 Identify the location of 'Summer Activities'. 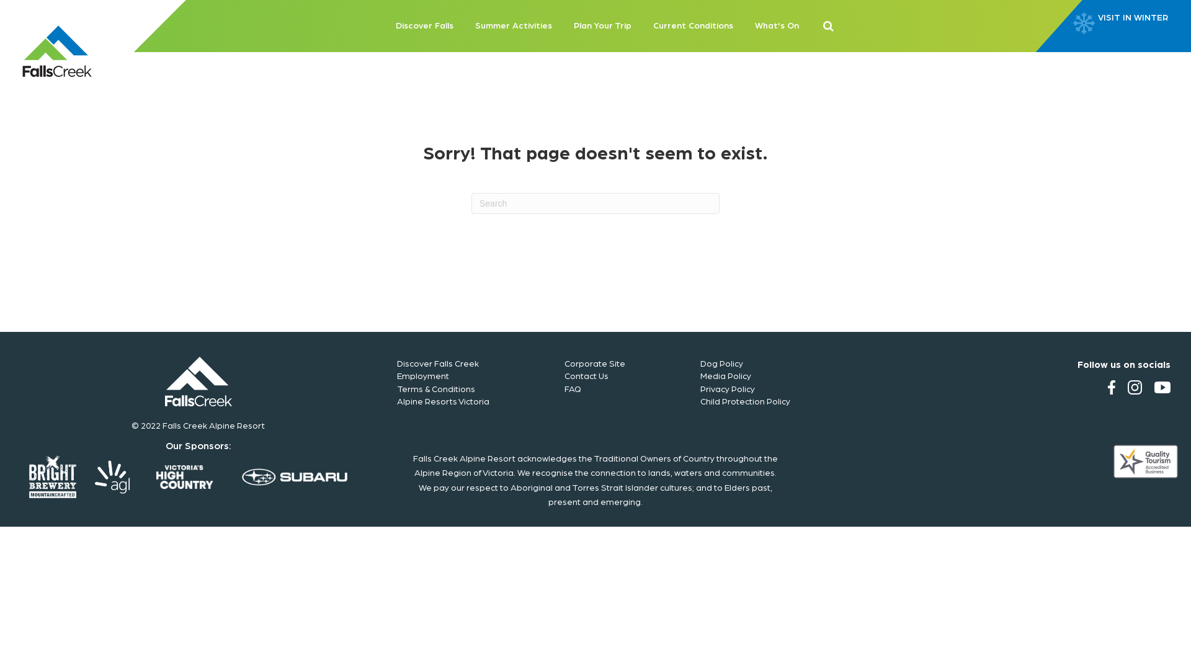
(514, 26).